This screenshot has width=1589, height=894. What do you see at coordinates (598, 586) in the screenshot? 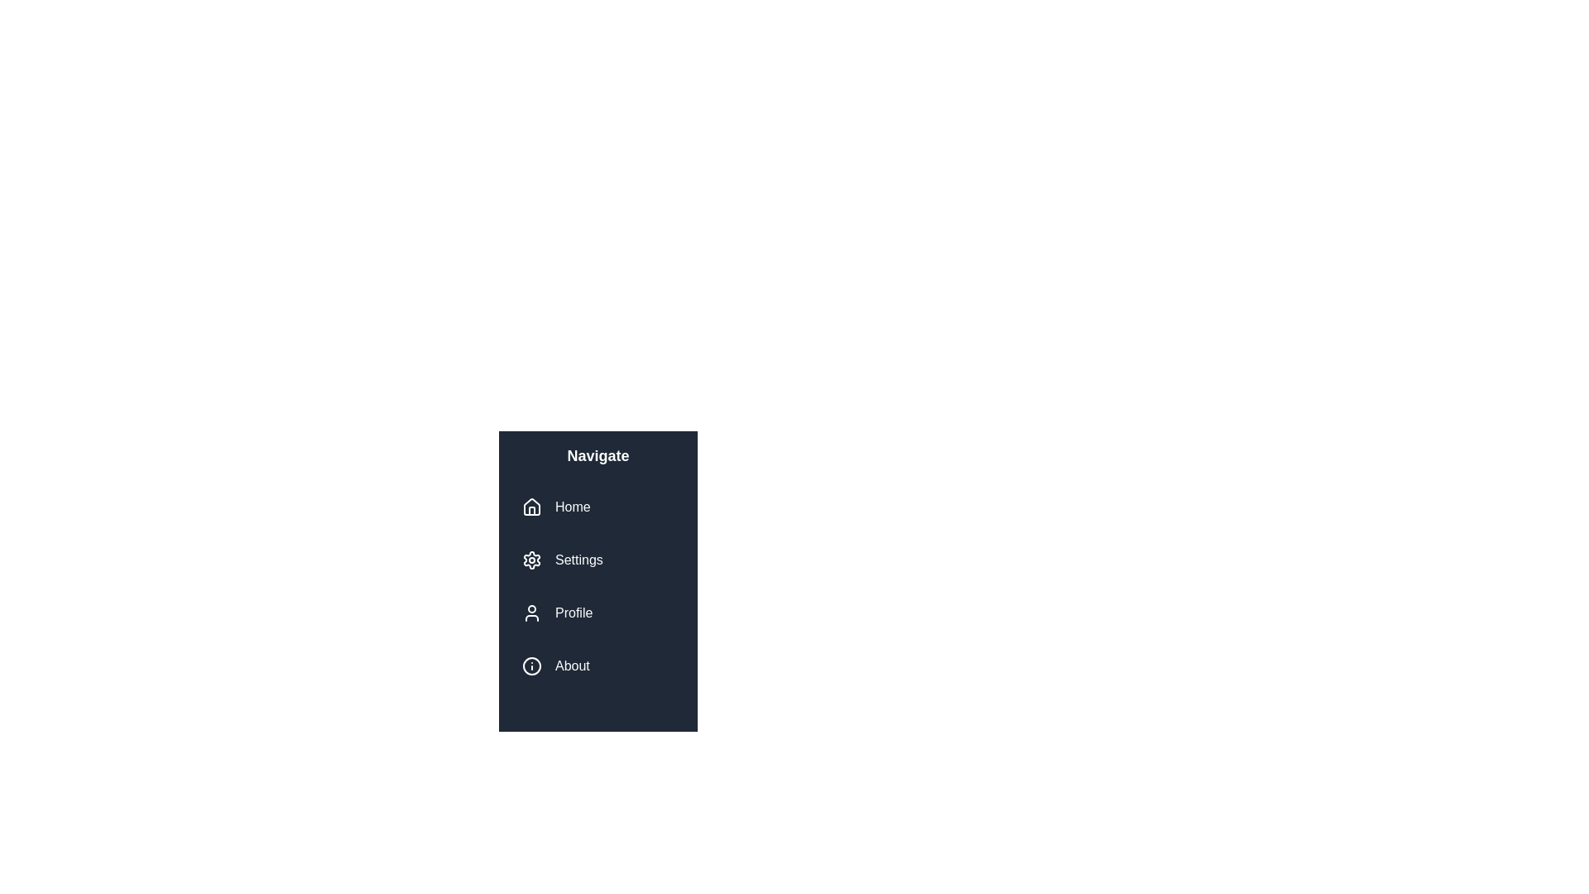
I see `the second sub-section of the 'Navigate' sidebar menu` at bounding box center [598, 586].